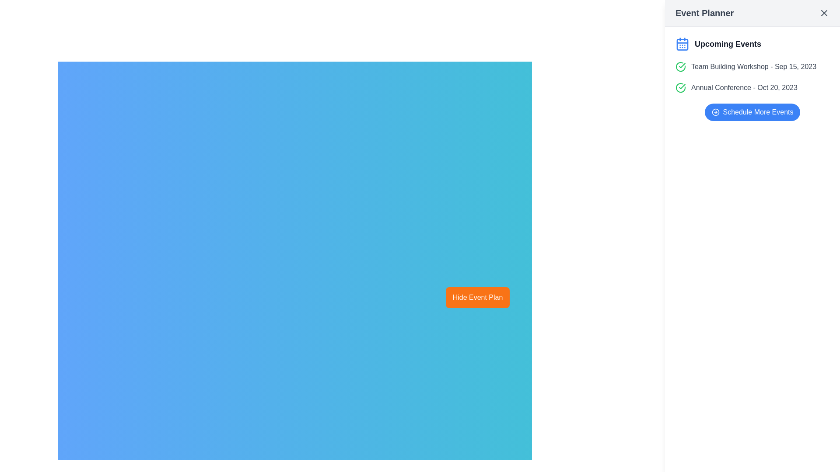 The height and width of the screenshot is (472, 840). I want to click on the Text Header in the 'Event Planner' sidebar that serves as the title for the upcoming events list, so click(728, 44).